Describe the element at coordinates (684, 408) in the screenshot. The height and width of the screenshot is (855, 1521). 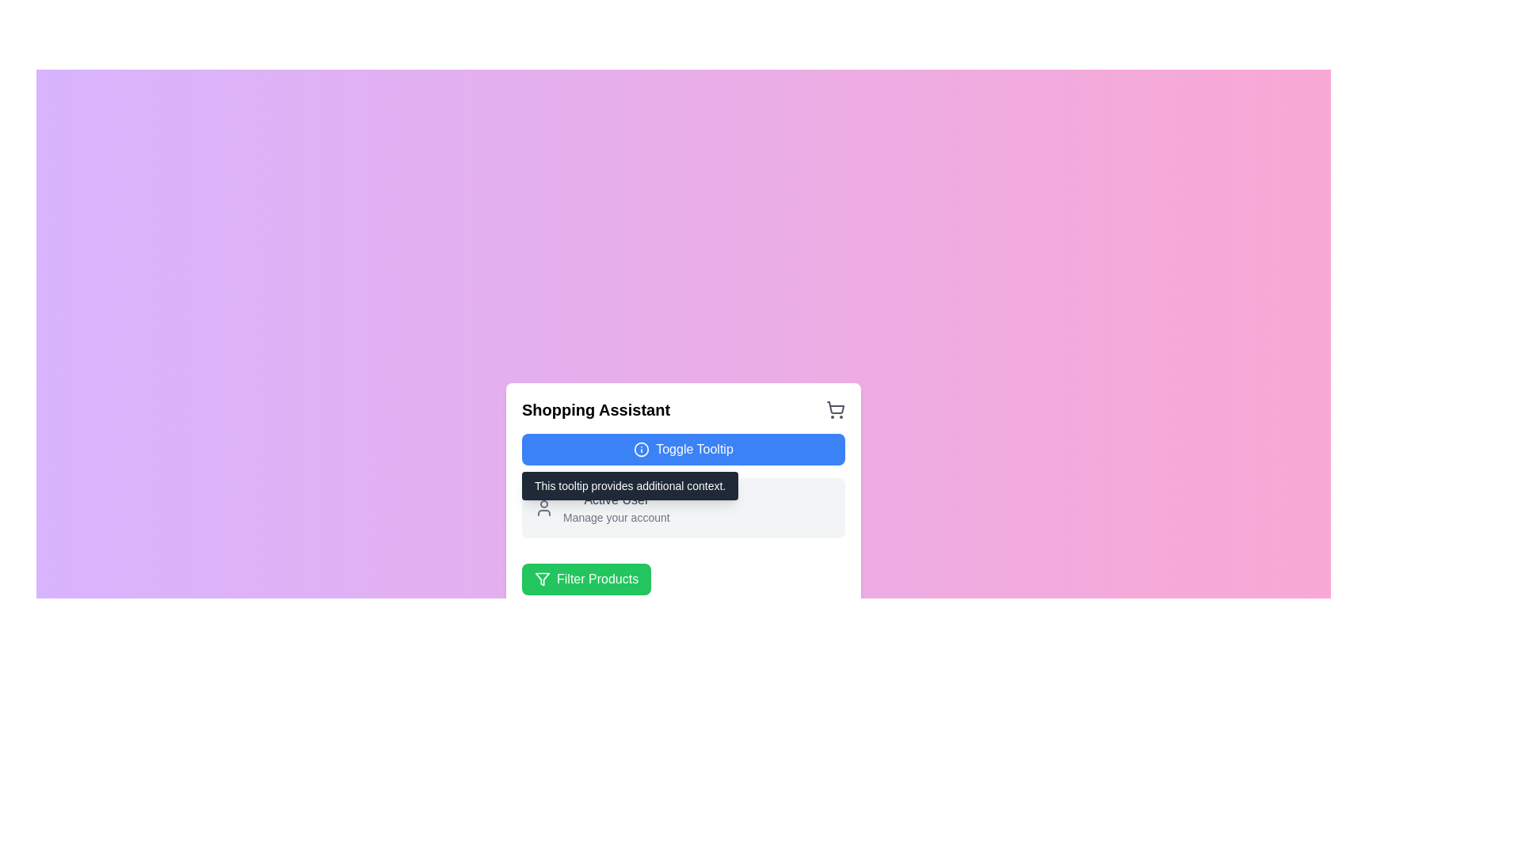
I see `the header element with an accompanying icon at the top of the card to enhance accessibility` at that location.